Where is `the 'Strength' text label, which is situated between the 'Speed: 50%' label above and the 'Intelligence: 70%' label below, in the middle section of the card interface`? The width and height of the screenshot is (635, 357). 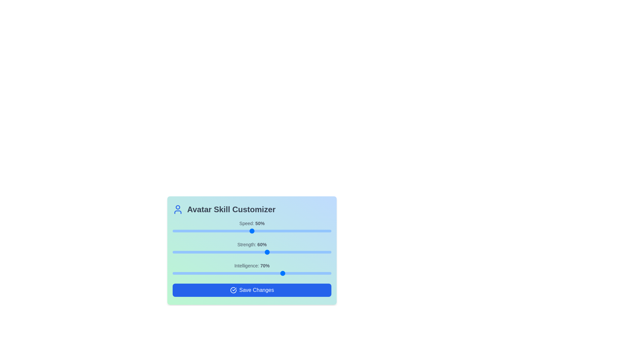
the 'Strength' text label, which is situated between the 'Speed: 50%' label above and the 'Intelligence: 70%' label below, in the middle section of the card interface is located at coordinates (252, 245).